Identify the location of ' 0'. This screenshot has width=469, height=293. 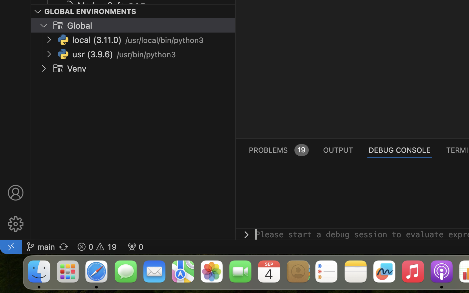
(135, 246).